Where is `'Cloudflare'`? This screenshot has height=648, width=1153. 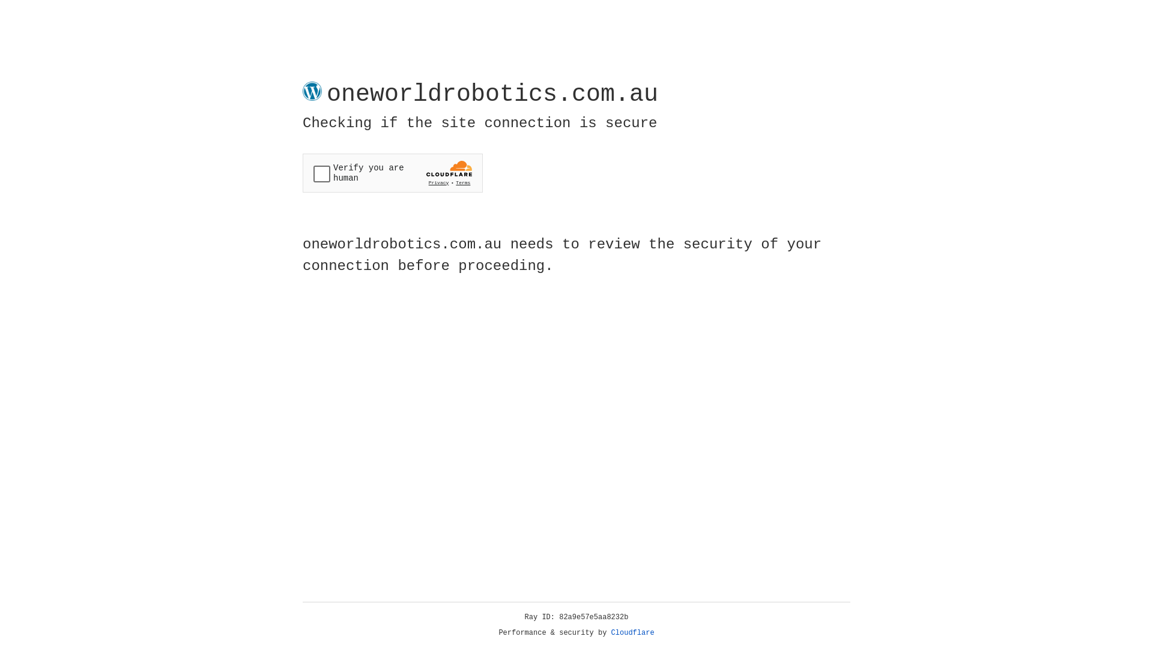 'Cloudflare' is located at coordinates (611, 632).